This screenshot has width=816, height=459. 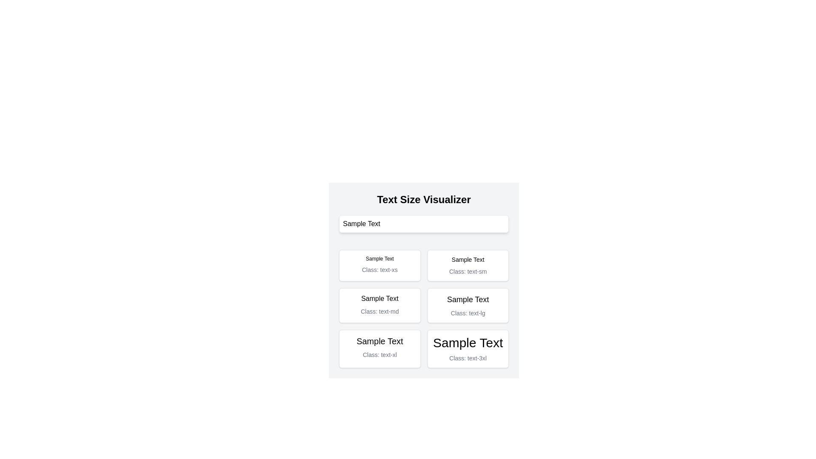 I want to click on the static text label showcasing the 'text-md' class, located in the 3rd card of the 2x3 grid in the 'Text Size Visualizer' section, so click(x=379, y=298).